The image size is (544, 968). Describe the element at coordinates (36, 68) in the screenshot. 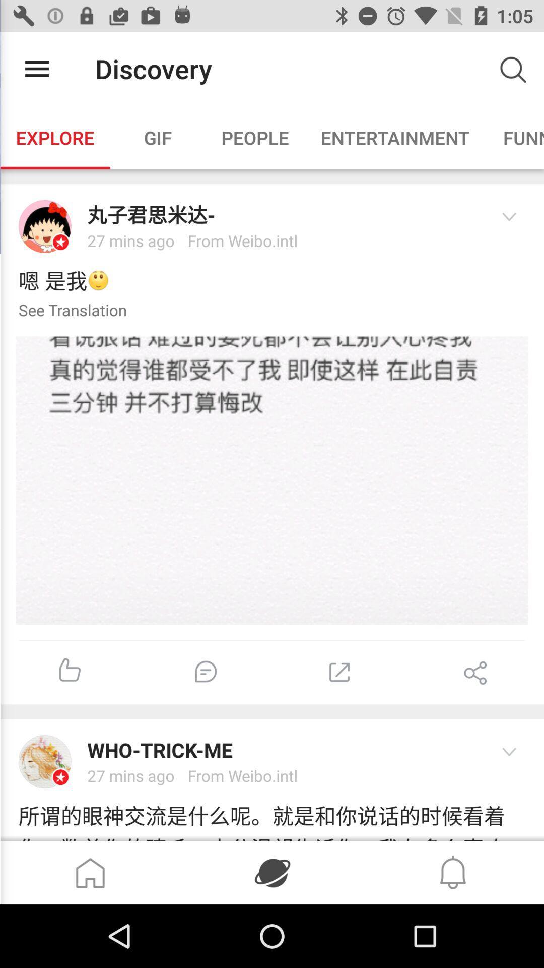

I see `the icon above the explore` at that location.